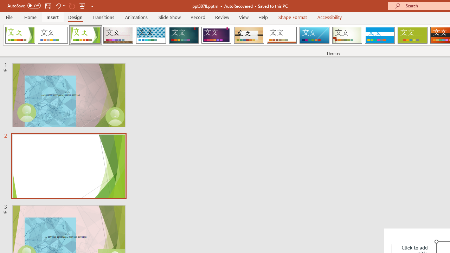 This screenshot has height=253, width=450. Describe the element at coordinates (150, 35) in the screenshot. I see `'Integral'` at that location.